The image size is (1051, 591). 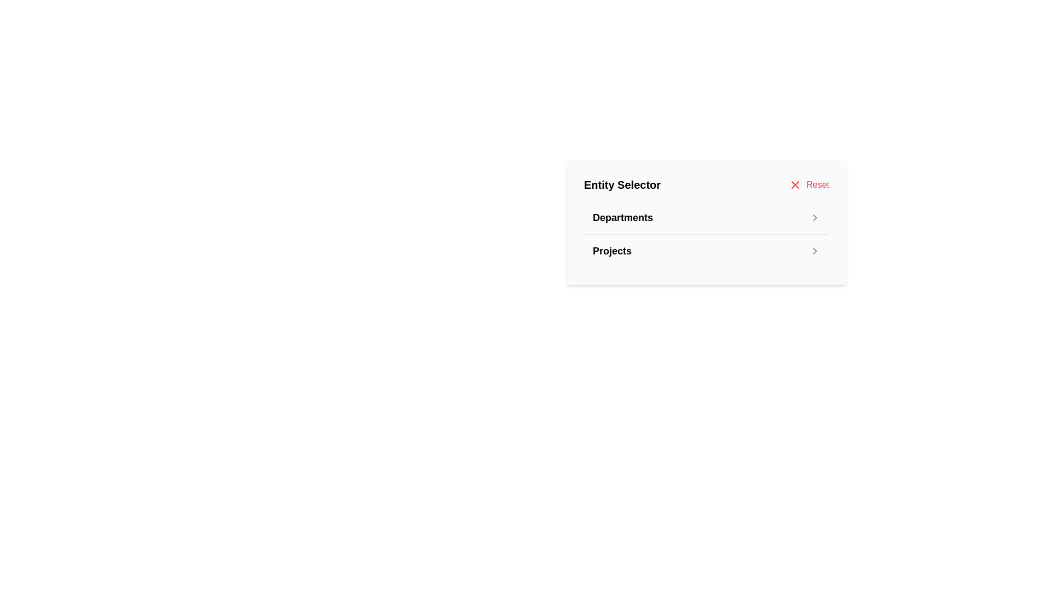 What do you see at coordinates (809, 184) in the screenshot?
I see `the 'Reset' button with a red text color and an 'X' icon, located in the top-right corner of the 'Entity Selector' section` at bounding box center [809, 184].